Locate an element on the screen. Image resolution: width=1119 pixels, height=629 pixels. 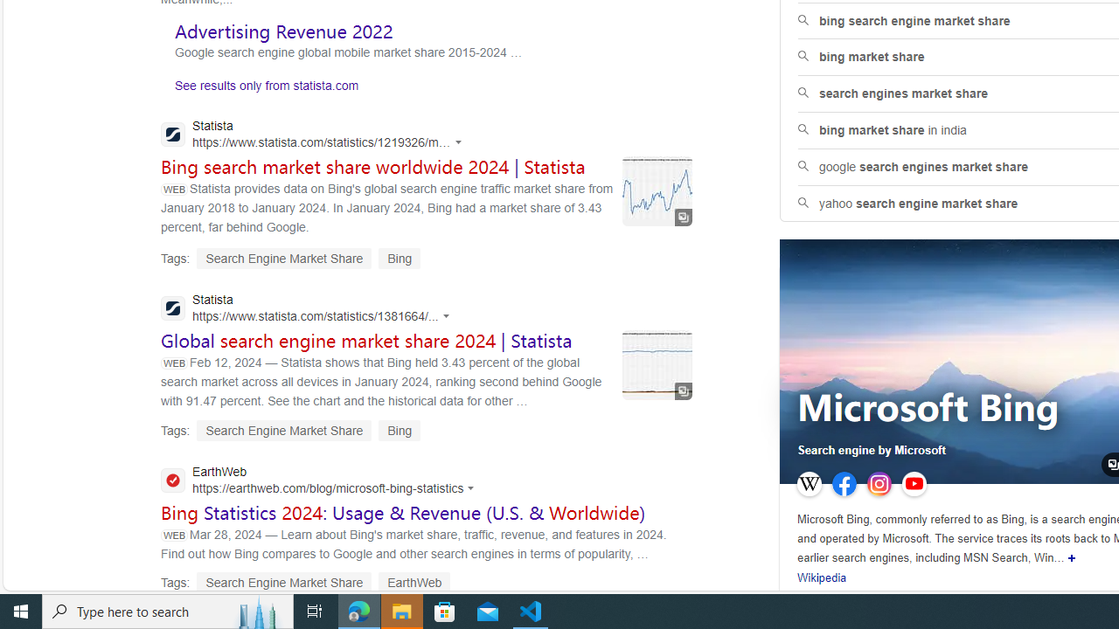
'Global search engine market share 2024 | Statista' is located at coordinates (365, 341).